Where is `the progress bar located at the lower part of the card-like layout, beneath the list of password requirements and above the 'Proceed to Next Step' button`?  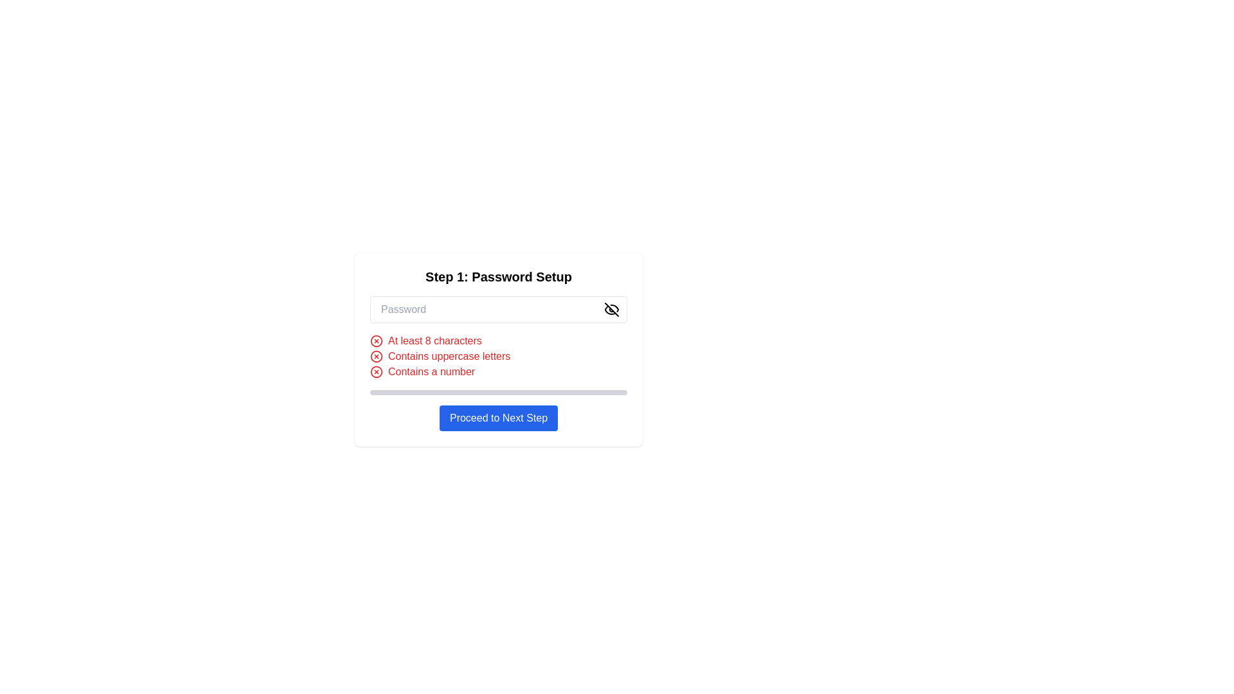 the progress bar located at the lower part of the card-like layout, beneath the list of password requirements and above the 'Proceed to Next Step' button is located at coordinates (498, 391).